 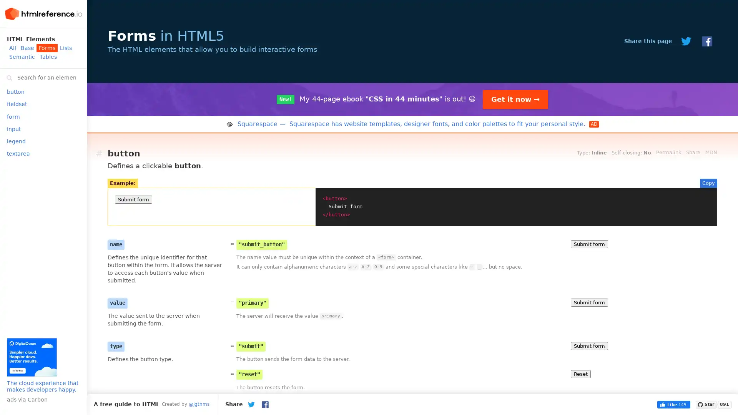 What do you see at coordinates (589, 244) in the screenshot?
I see `Submit form` at bounding box center [589, 244].